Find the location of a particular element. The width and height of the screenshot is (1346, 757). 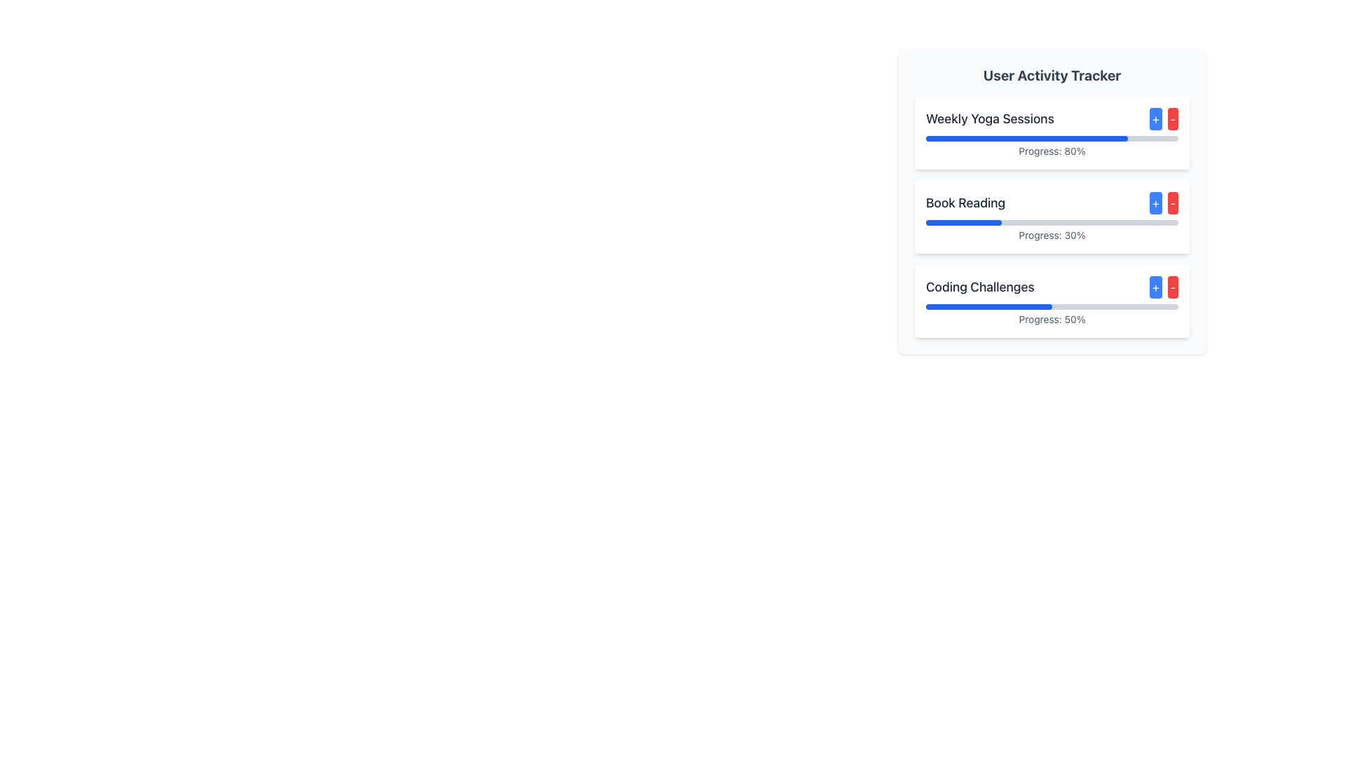

the second button with a red background and white text displaying a hyphen ('-') located to the right of the '+' button in the 'Coding Challenges' card under 'User Activity Tracker' is located at coordinates (1173, 286).